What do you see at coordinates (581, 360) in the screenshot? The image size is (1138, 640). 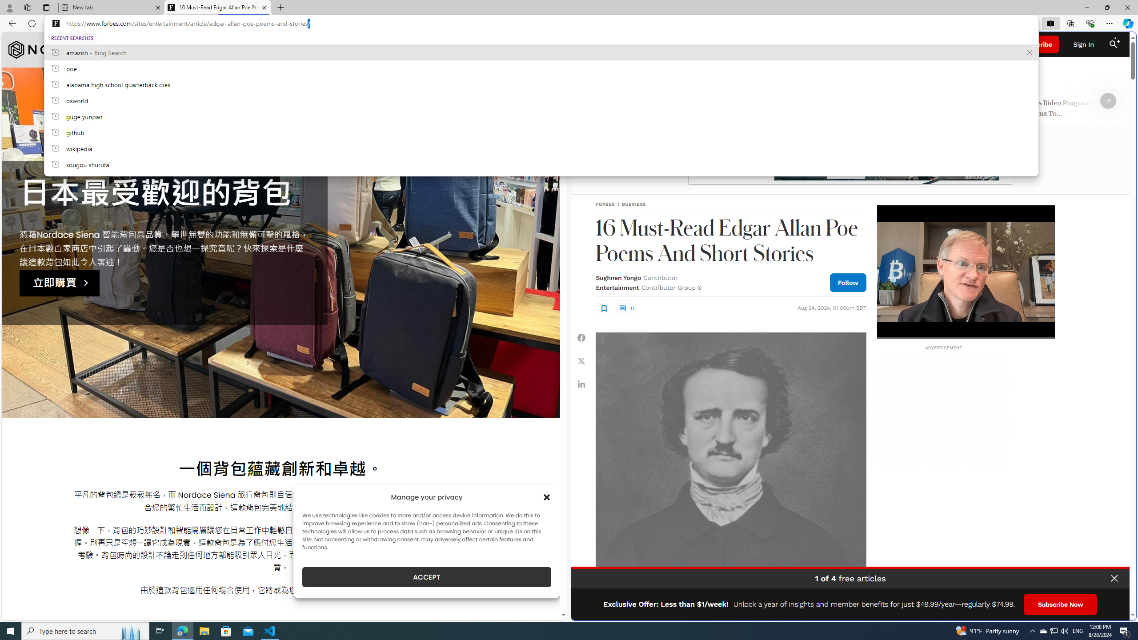 I see `'Class: fs-icon fs-icon--xCorp'` at bounding box center [581, 360].